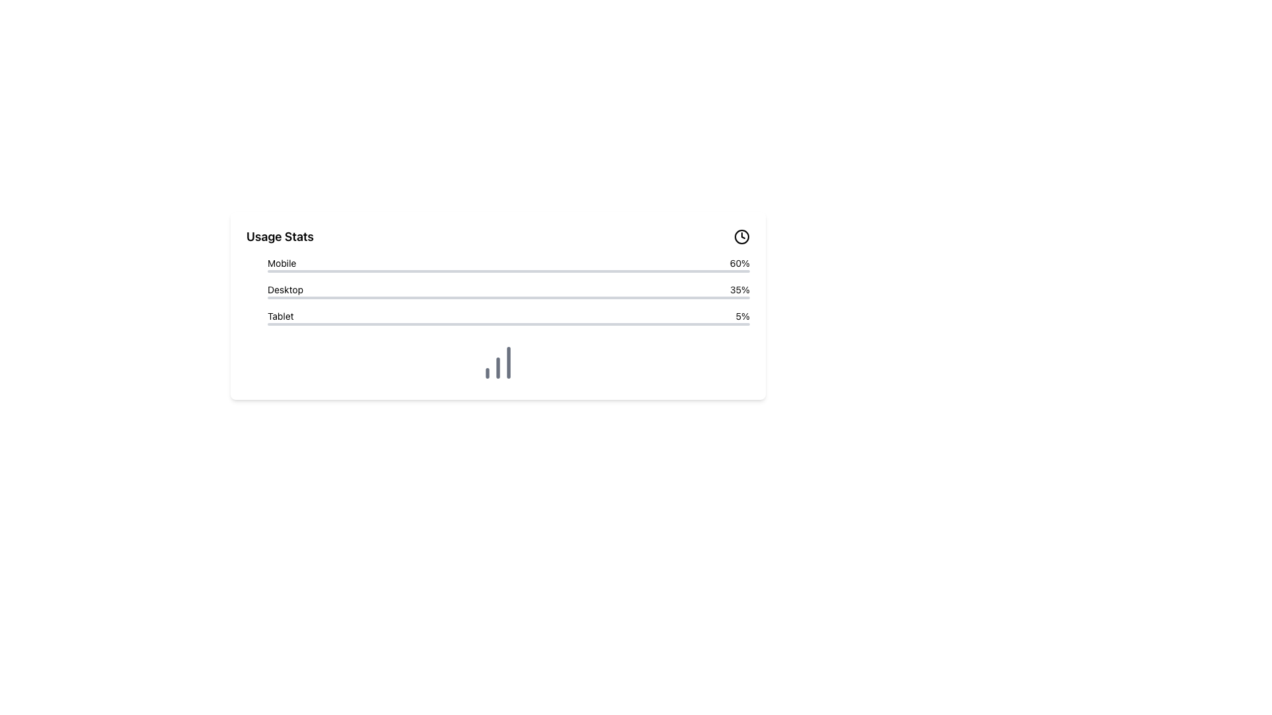 The height and width of the screenshot is (715, 1272). I want to click on the red progress bar indicating mobile usage within the usage statistics panel, so click(411, 270).